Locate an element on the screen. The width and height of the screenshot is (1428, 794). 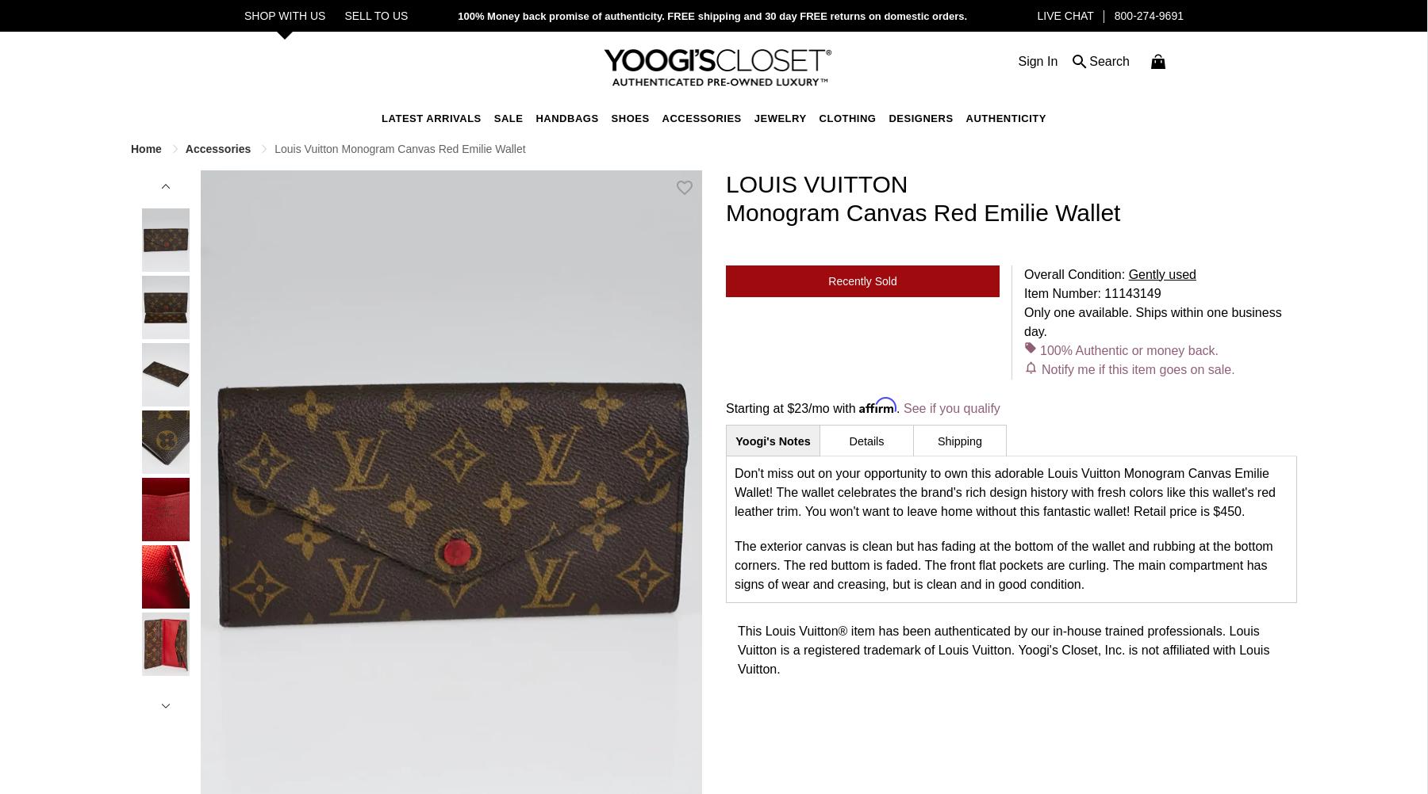
'The exterior canvas is clean but has fading at the bottom of the wallet and rubbing at the bottom corners. The red buttom is faded. The front flat pockets are curling. The main compartment has signs of wear and creasing, but is clean and in good condition.' is located at coordinates (1004, 564).